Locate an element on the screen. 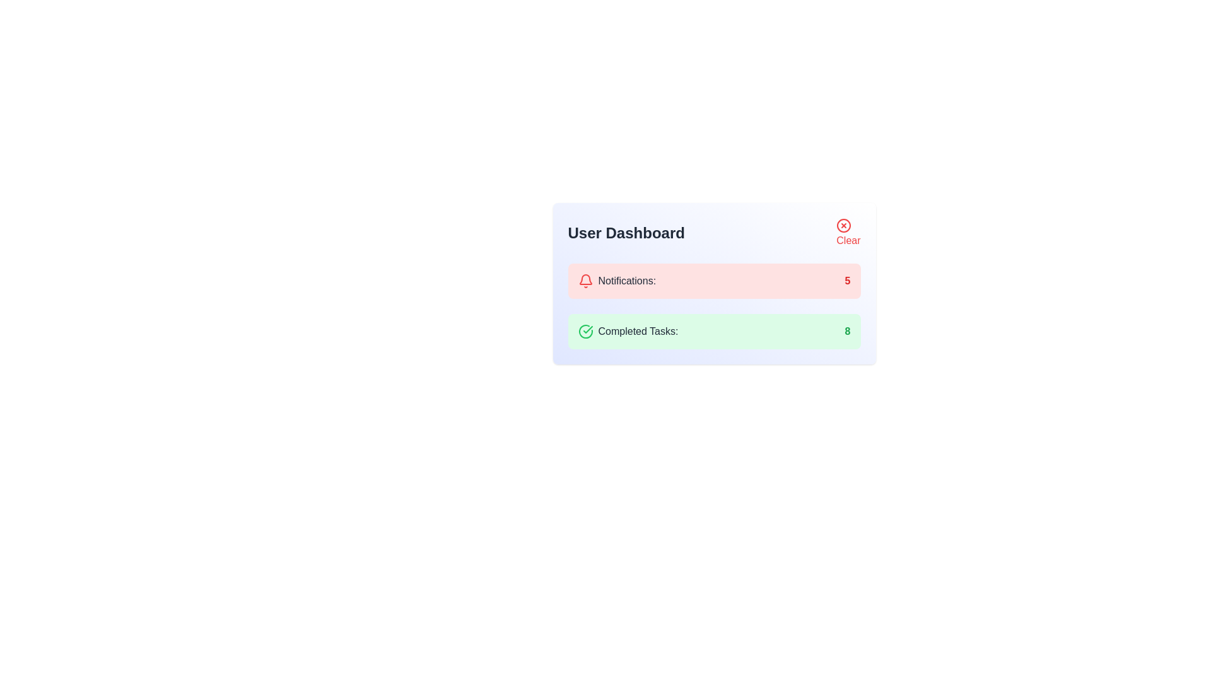 This screenshot has width=1211, height=681. the Text Label indicating the purpose of the notification section, which is located to the right of a red icon and to the left of a bold red number '5' is located at coordinates (627, 281).